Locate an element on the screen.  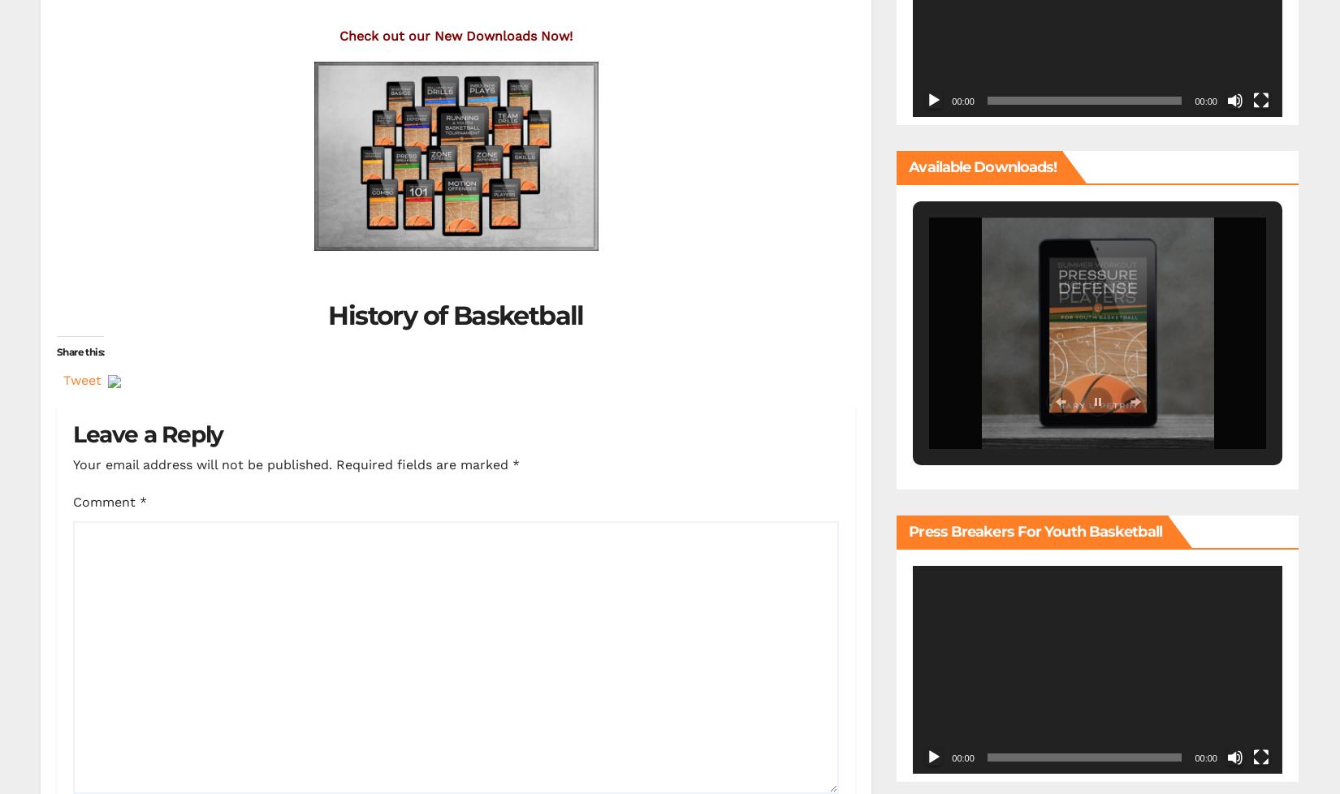
'Required fields are marked' is located at coordinates (423, 464).